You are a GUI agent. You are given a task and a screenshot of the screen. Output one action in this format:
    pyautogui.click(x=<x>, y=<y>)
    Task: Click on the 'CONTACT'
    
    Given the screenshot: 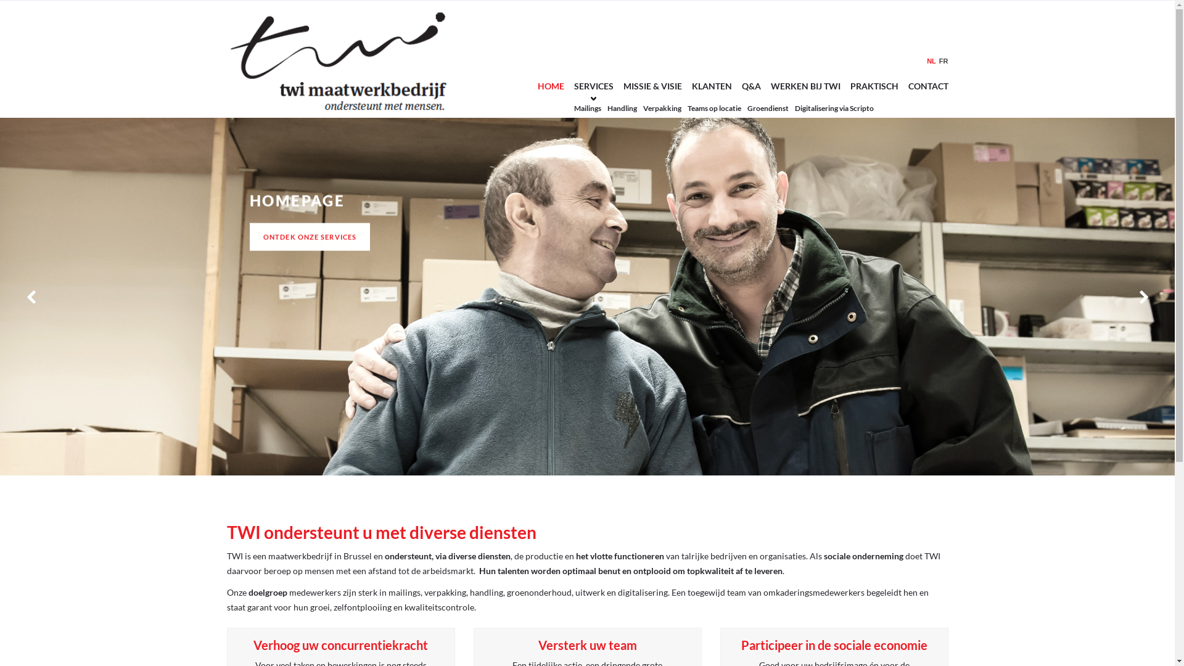 What is the action you would take?
    pyautogui.click(x=908, y=86)
    